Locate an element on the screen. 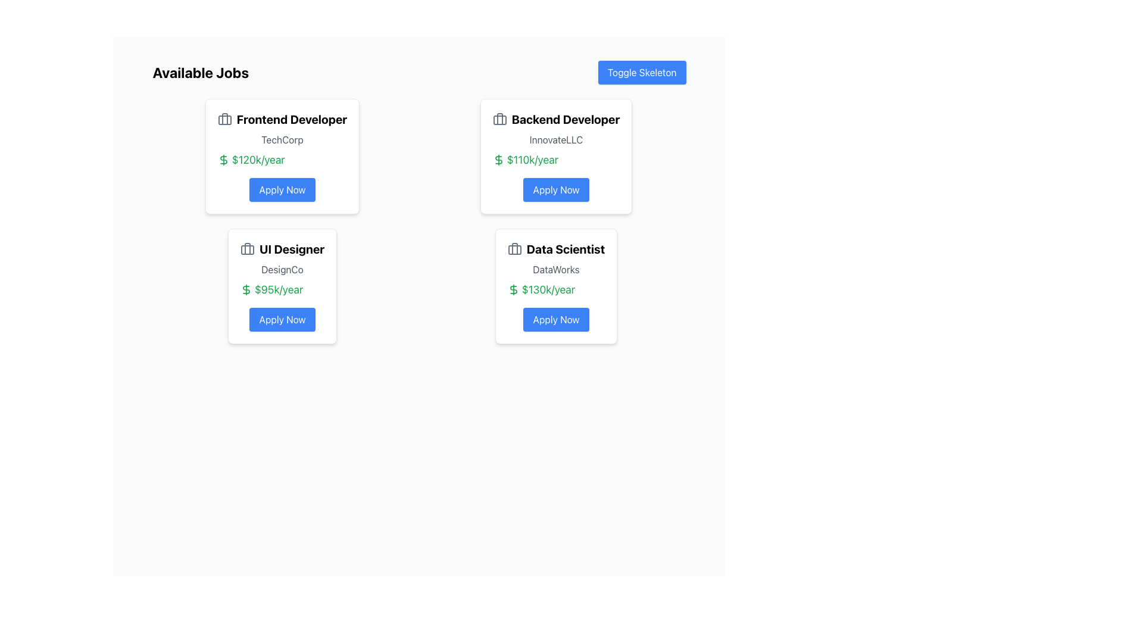  the text label identifying the job role 'Backend Developer' located in the top-right tile of the job postings grid is located at coordinates (555, 119).